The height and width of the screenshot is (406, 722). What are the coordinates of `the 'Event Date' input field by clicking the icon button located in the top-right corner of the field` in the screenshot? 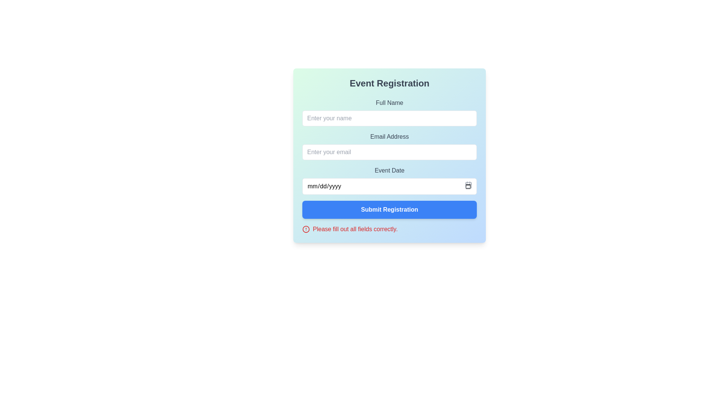 It's located at (468, 185).